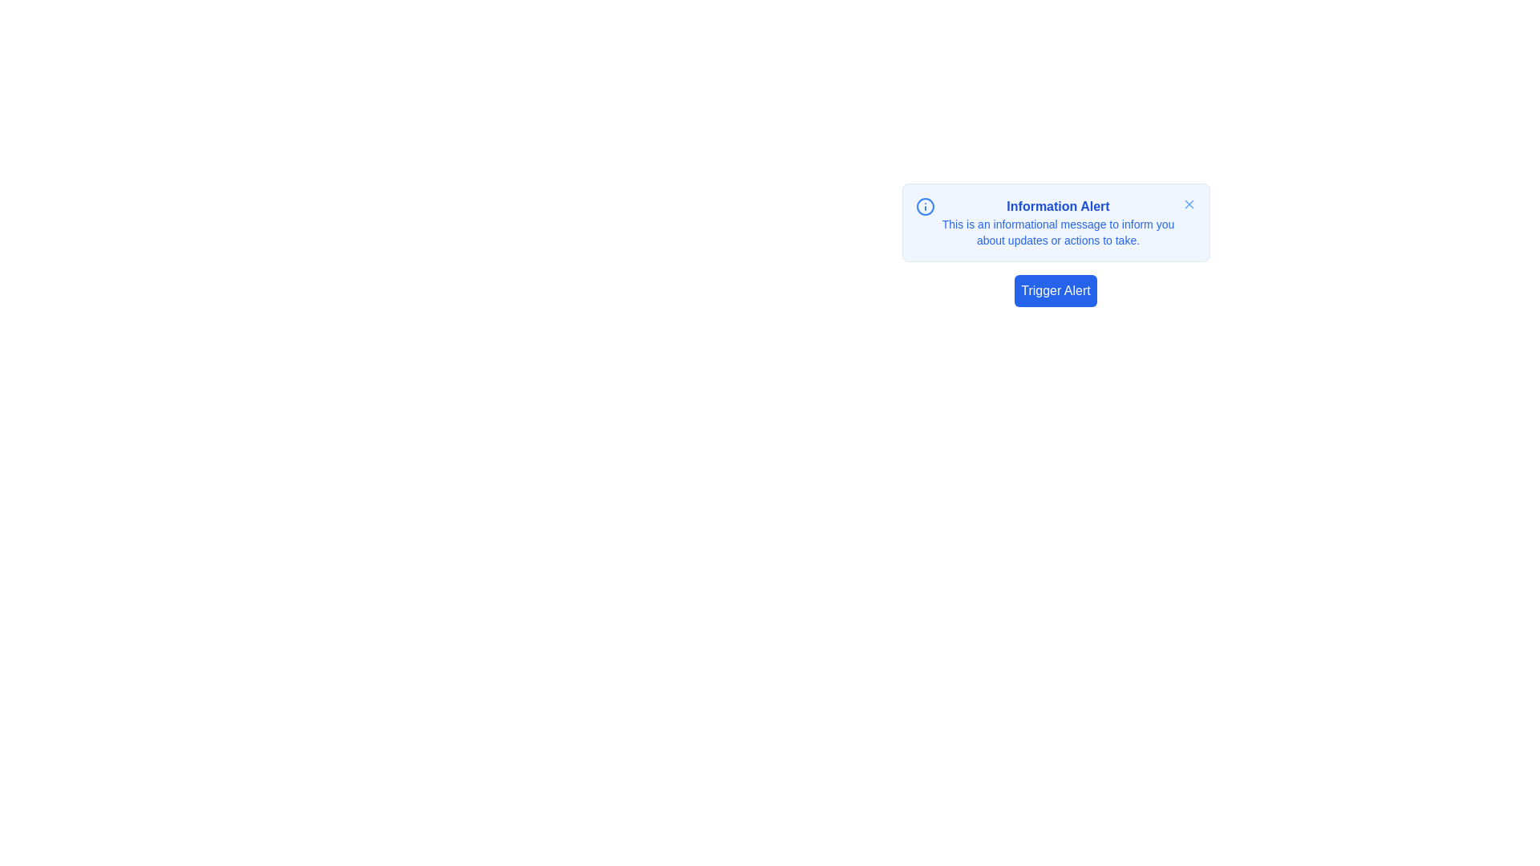  What do you see at coordinates (925, 206) in the screenshot?
I see `the outer circle of the information icon located in the notification box at the upper left of the notification content` at bounding box center [925, 206].